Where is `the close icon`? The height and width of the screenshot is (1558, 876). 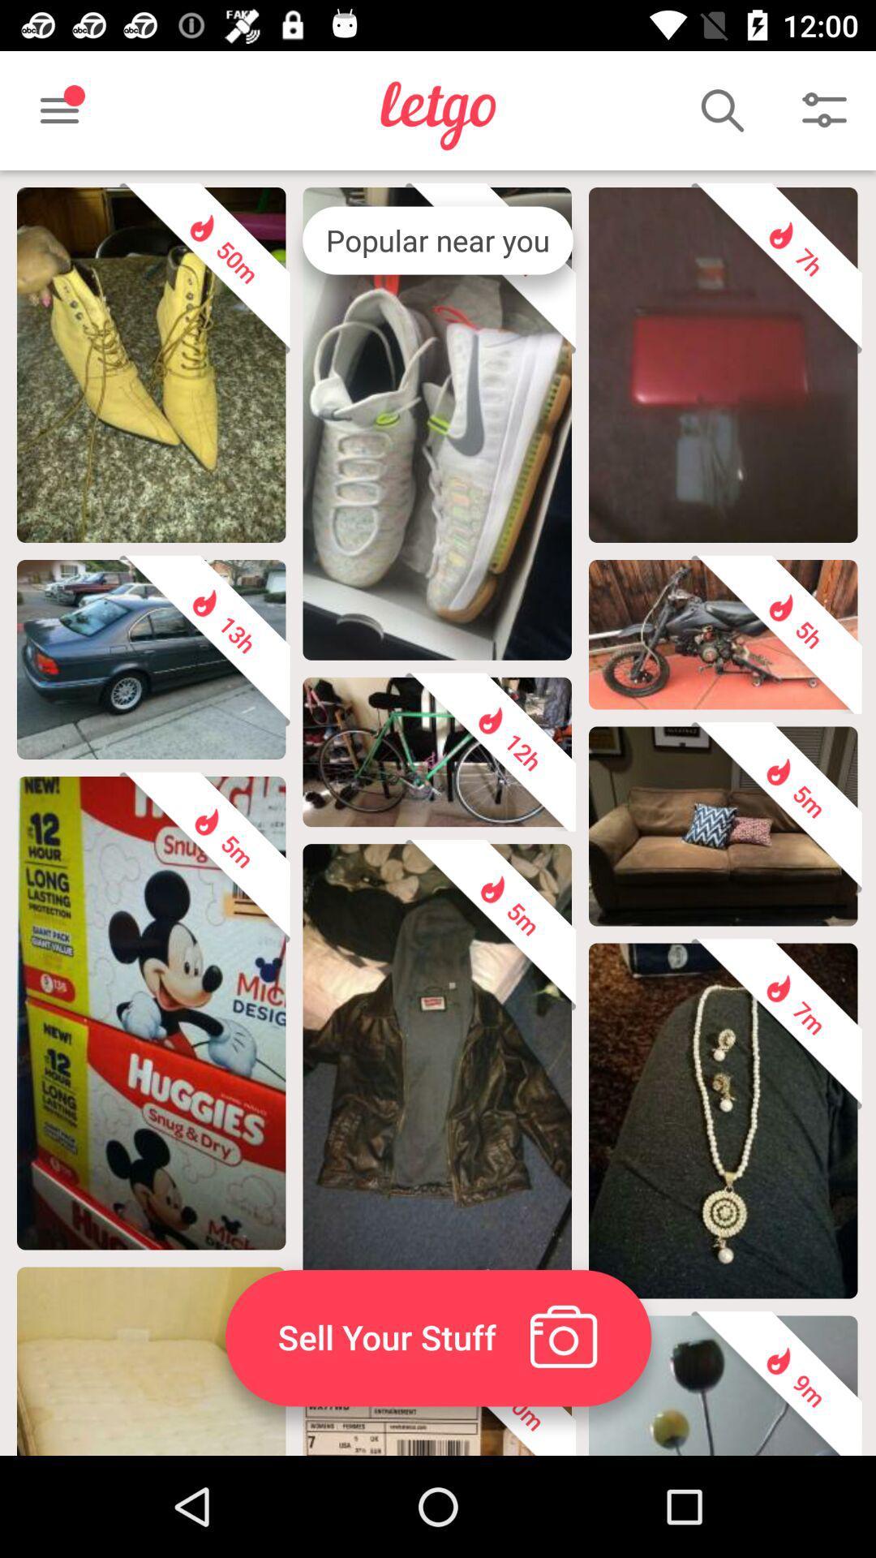
the close icon is located at coordinates (803, 71).